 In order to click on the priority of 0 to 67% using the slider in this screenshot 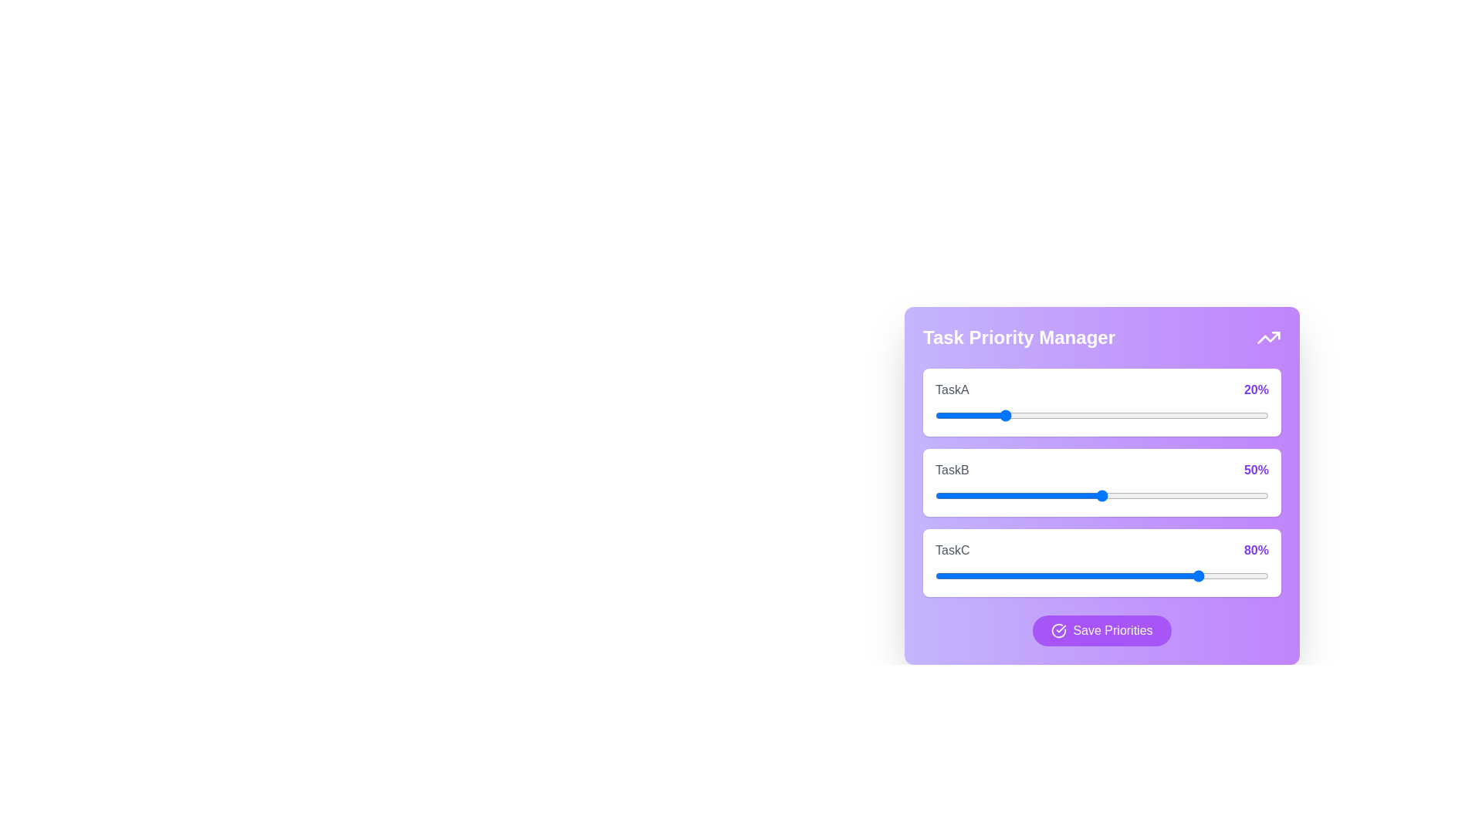, I will do `click(1159, 415)`.